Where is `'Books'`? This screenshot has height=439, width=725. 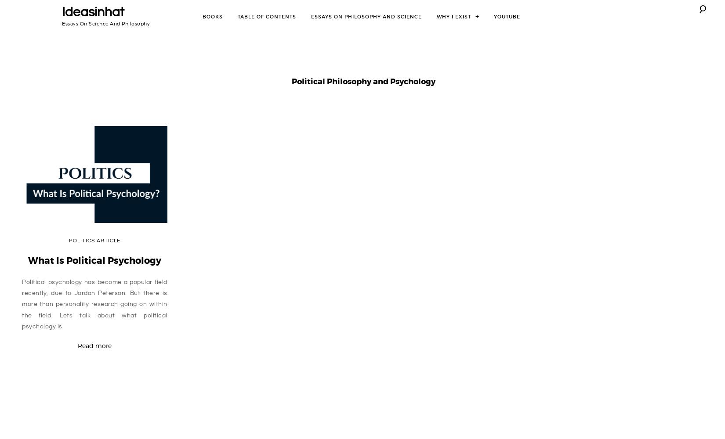
'Books' is located at coordinates (212, 16).